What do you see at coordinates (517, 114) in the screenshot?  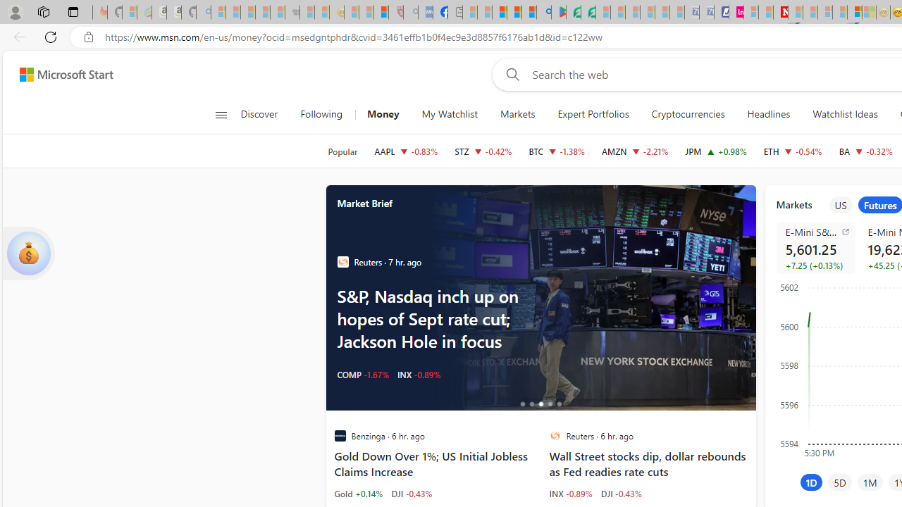 I see `'Markets'` at bounding box center [517, 114].